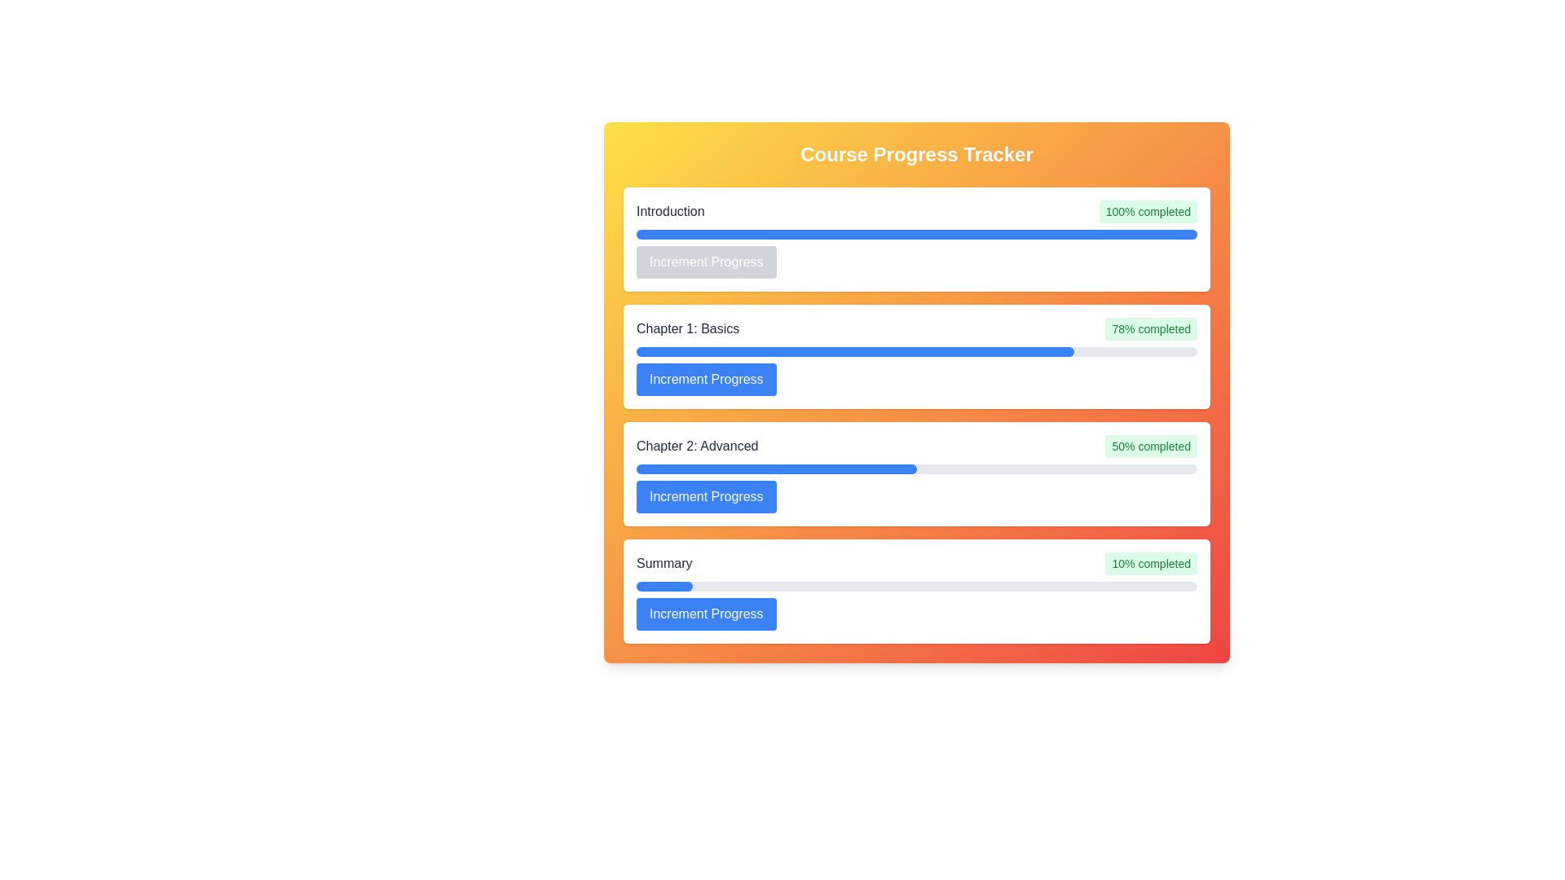 The width and height of the screenshot is (1565, 880). Describe the element at coordinates (776, 469) in the screenshot. I see `the filled portion of the progress bar indicating approximately 50% completion for 'Chapter 2: Advanced'` at that location.